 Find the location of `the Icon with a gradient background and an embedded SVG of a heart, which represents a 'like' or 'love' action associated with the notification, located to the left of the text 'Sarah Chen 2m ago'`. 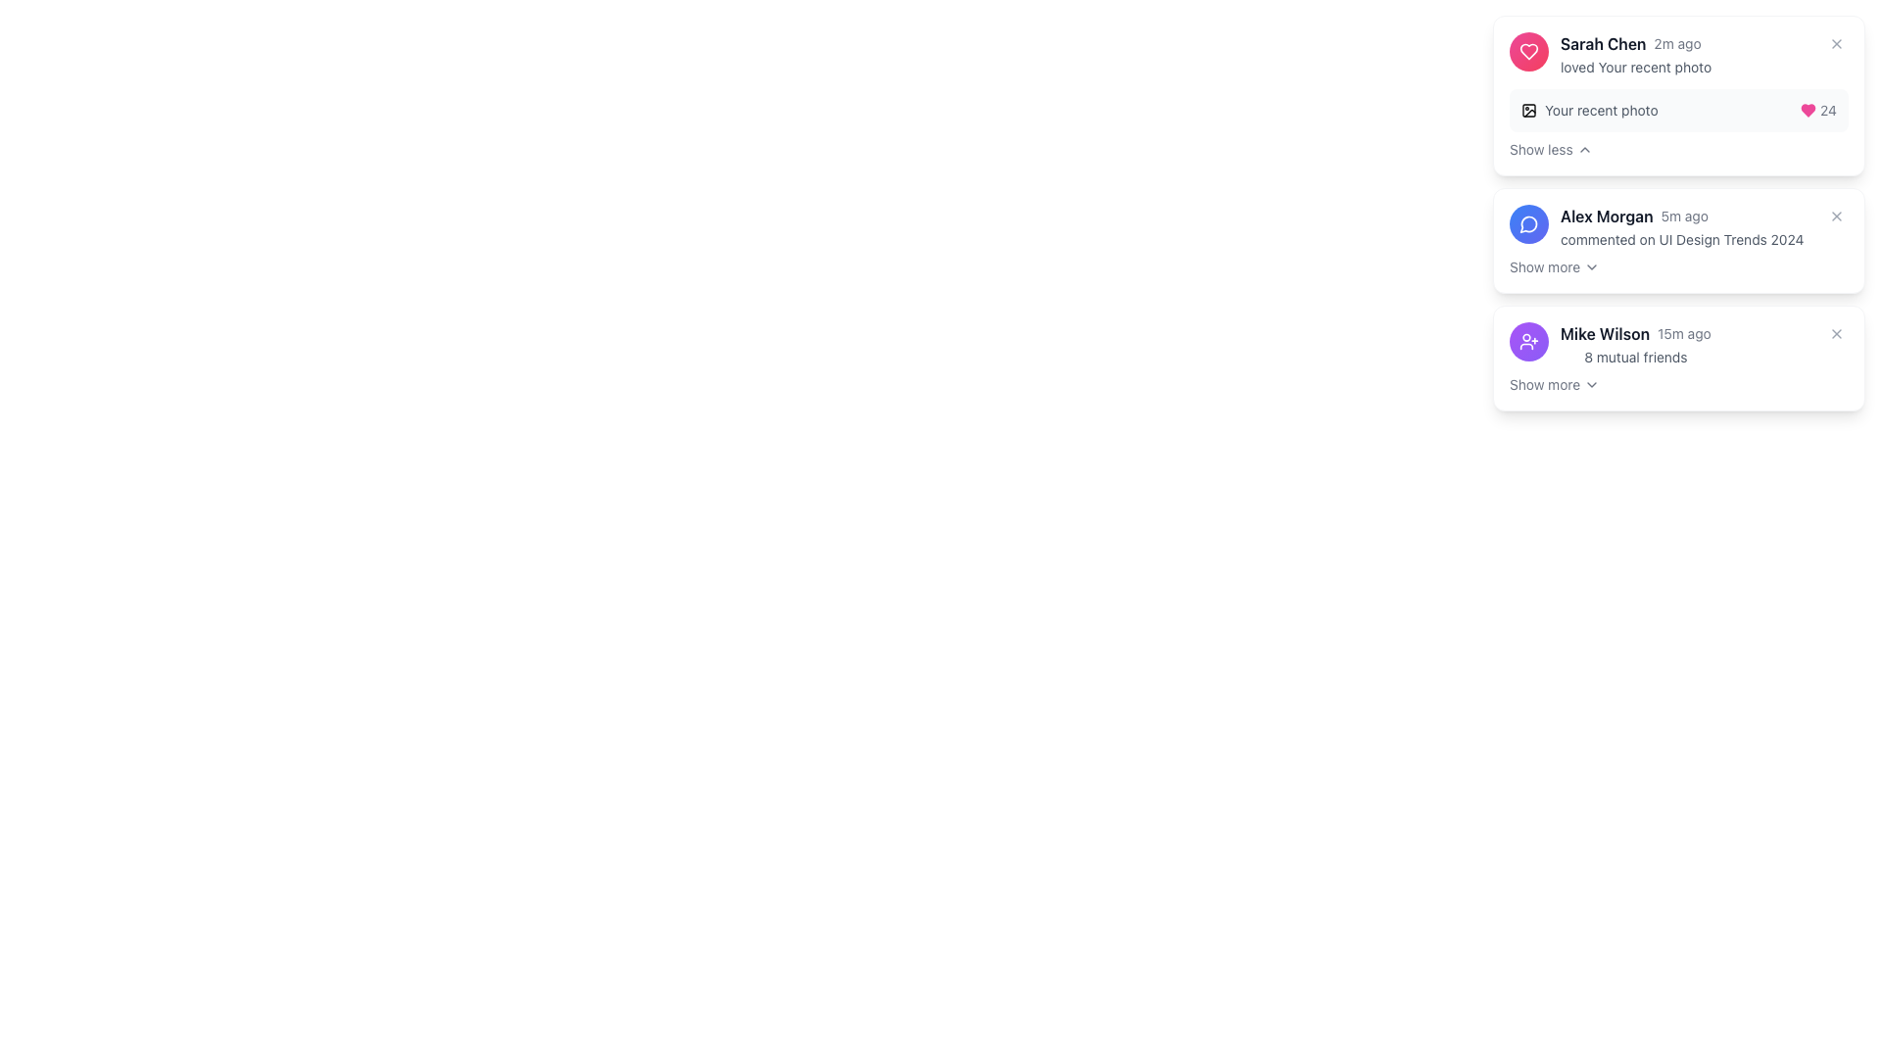

the Icon with a gradient background and an embedded SVG of a heart, which represents a 'like' or 'love' action associated with the notification, located to the left of the text 'Sarah Chen 2m ago' is located at coordinates (1527, 51).